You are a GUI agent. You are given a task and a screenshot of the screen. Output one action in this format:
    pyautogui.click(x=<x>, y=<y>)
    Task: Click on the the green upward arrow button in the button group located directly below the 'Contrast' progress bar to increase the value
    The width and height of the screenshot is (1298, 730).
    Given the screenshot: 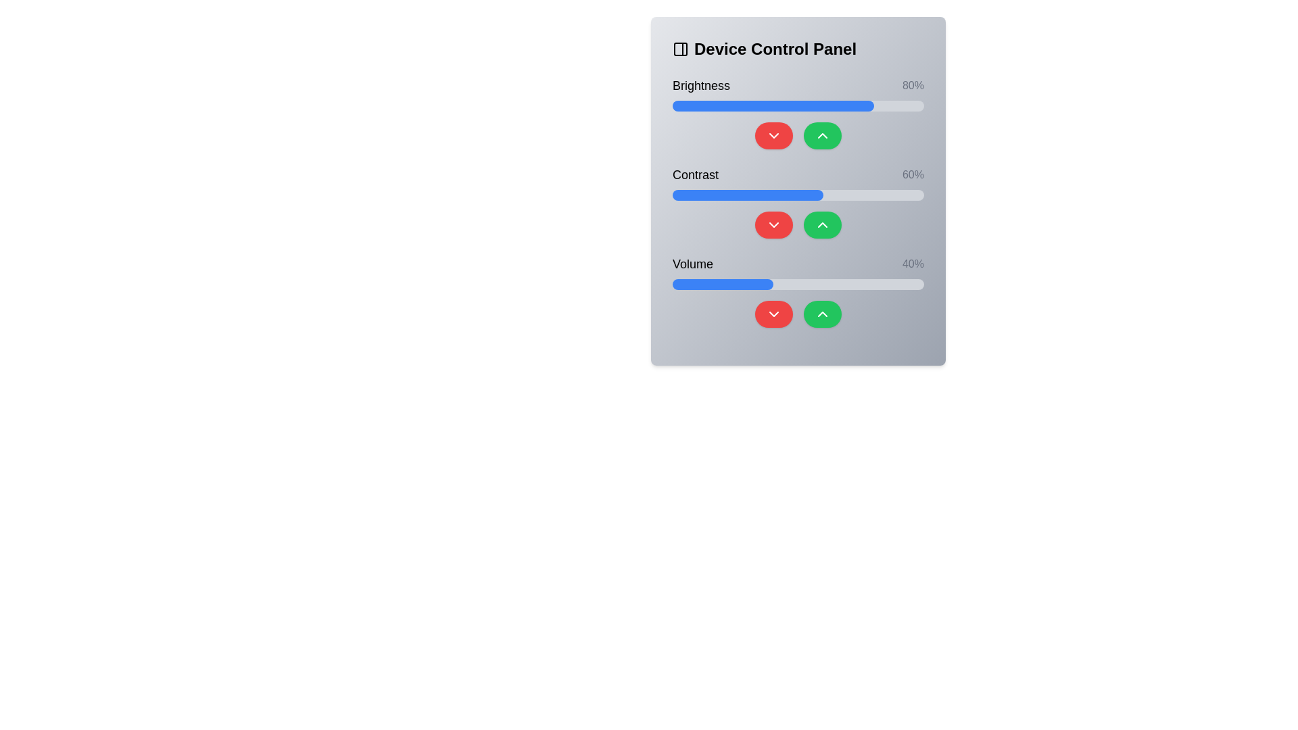 What is the action you would take?
    pyautogui.click(x=798, y=224)
    